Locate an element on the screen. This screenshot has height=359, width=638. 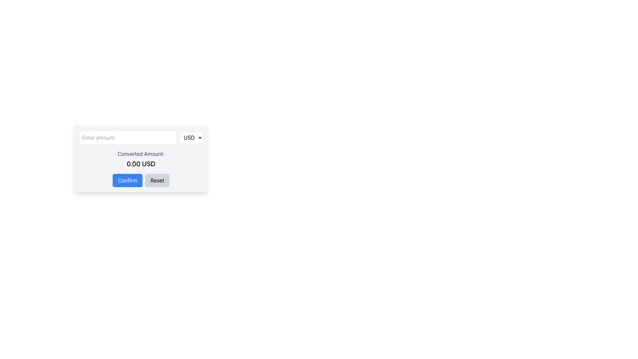
the reset button located within the horizontal button group beneath the conversion information panel, which is the second button to the right of the blue 'Confirm' button is located at coordinates (157, 180).